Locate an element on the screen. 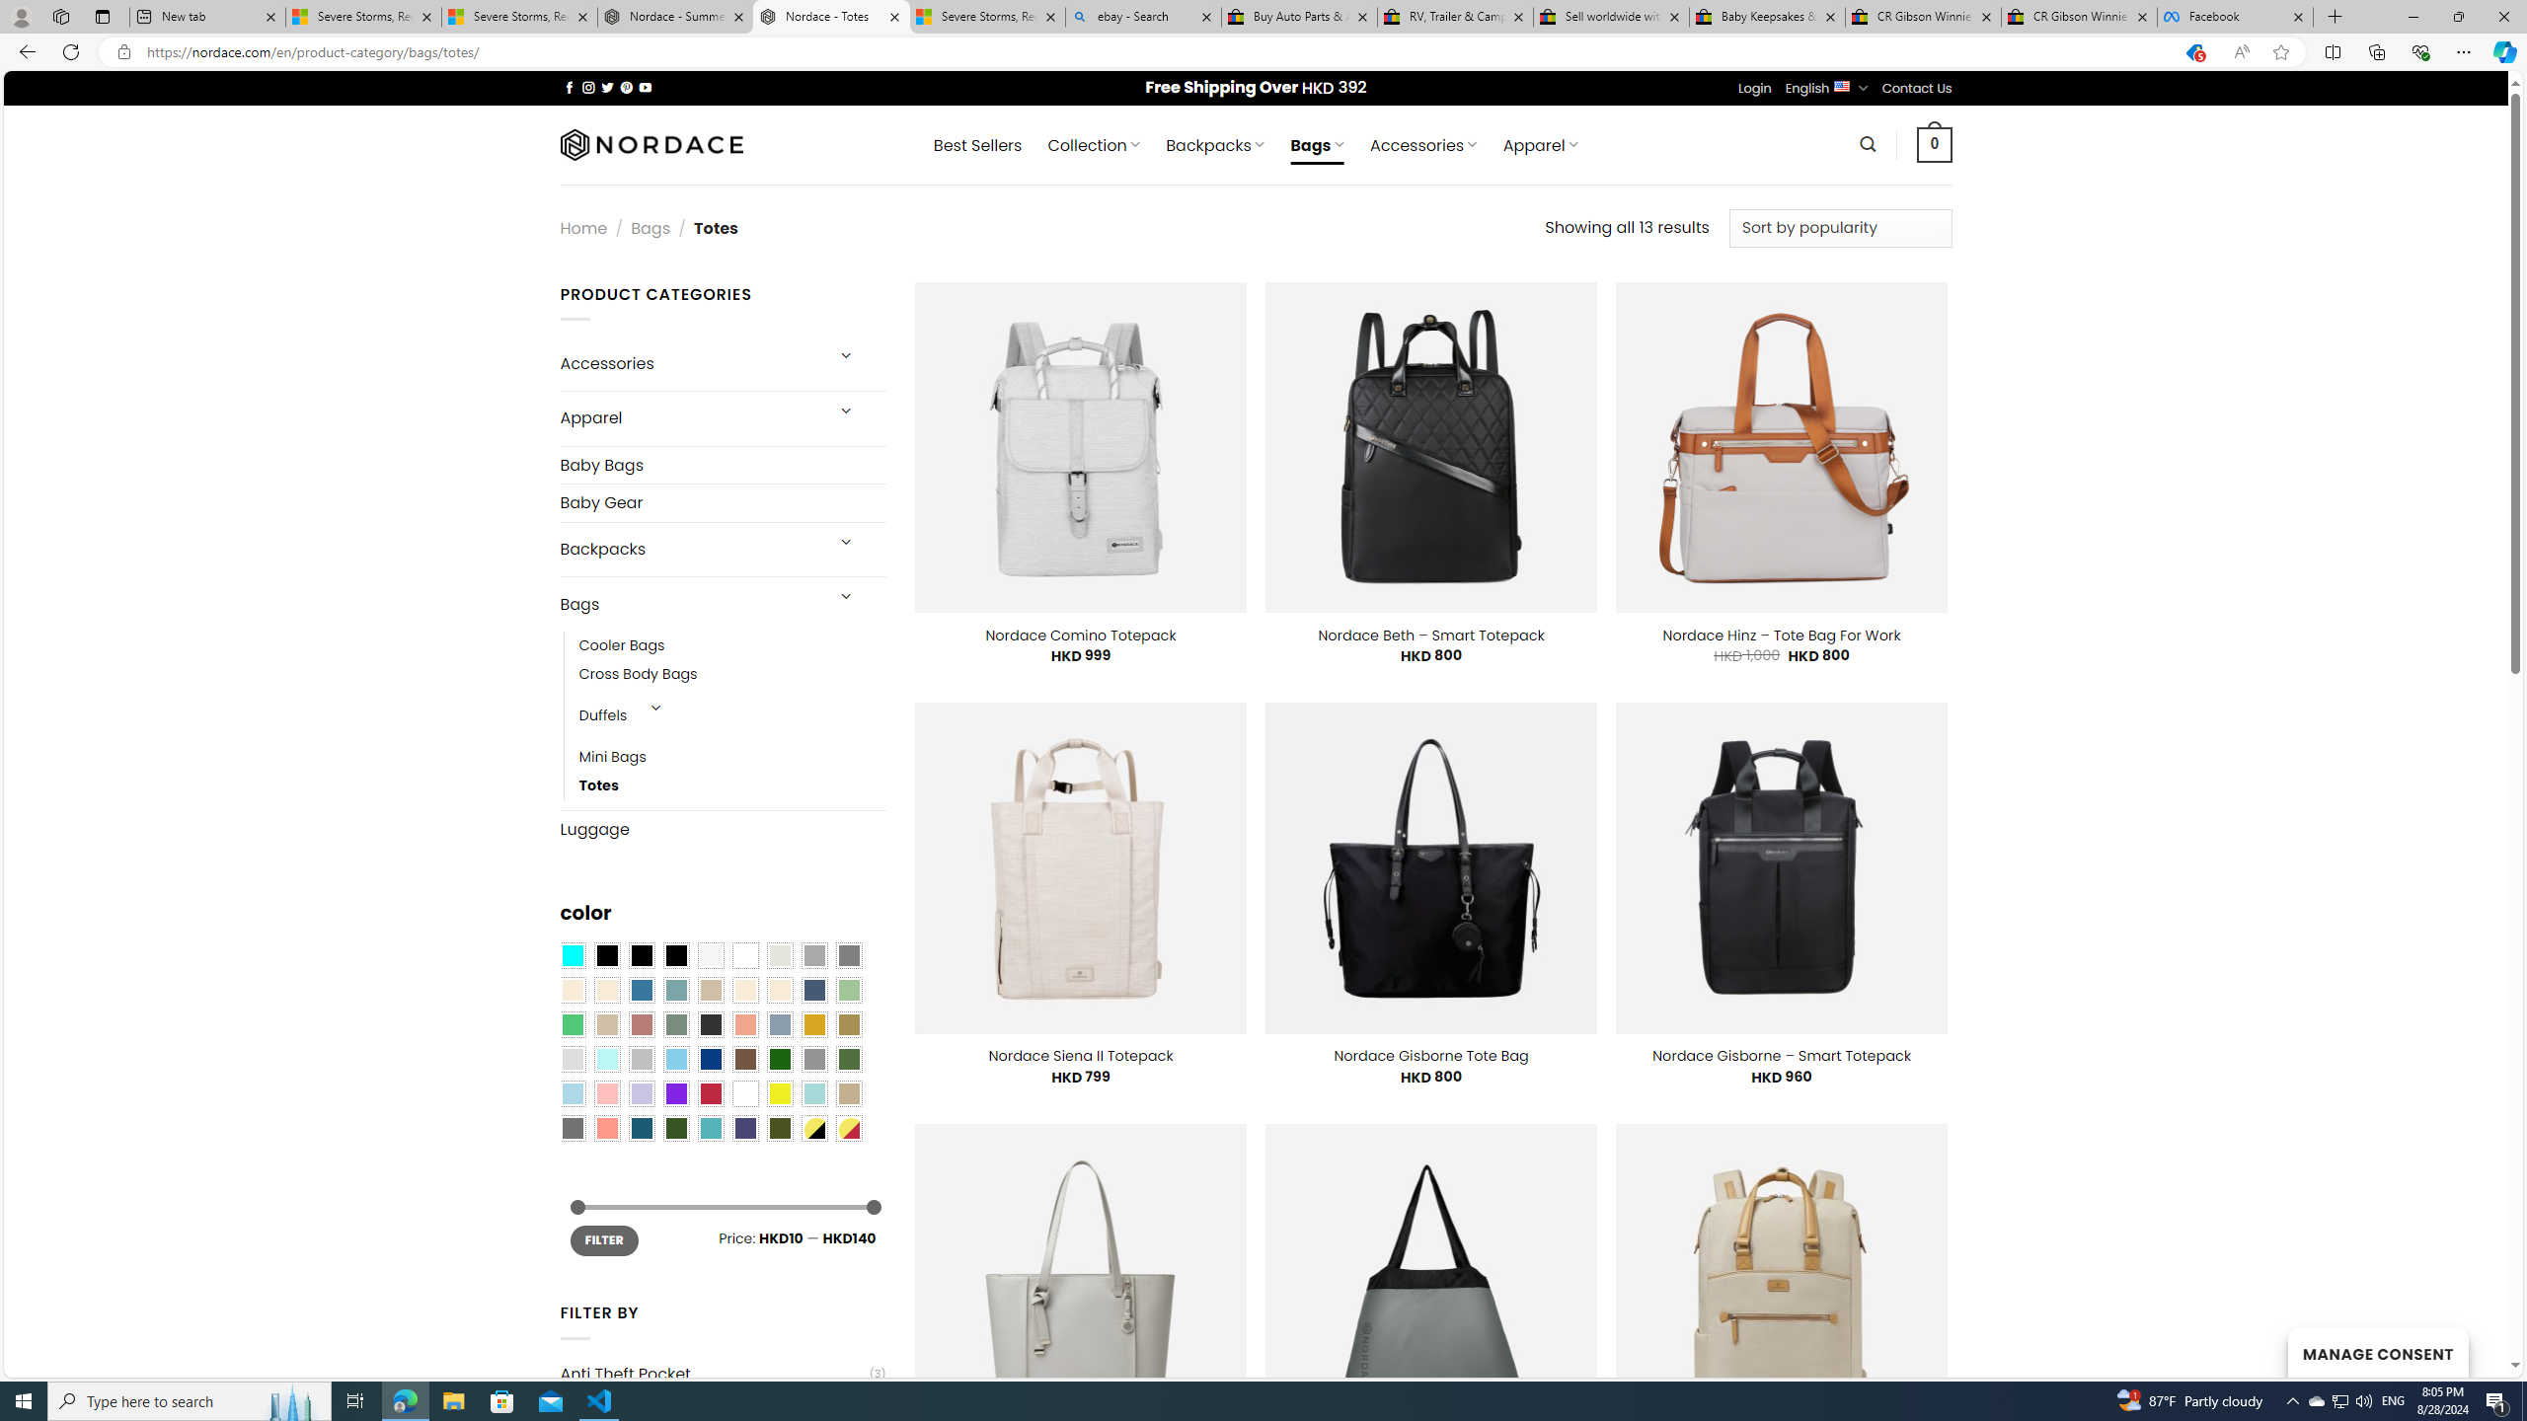 This screenshot has height=1421, width=2527. 'Follow on Instagram' is located at coordinates (587, 87).